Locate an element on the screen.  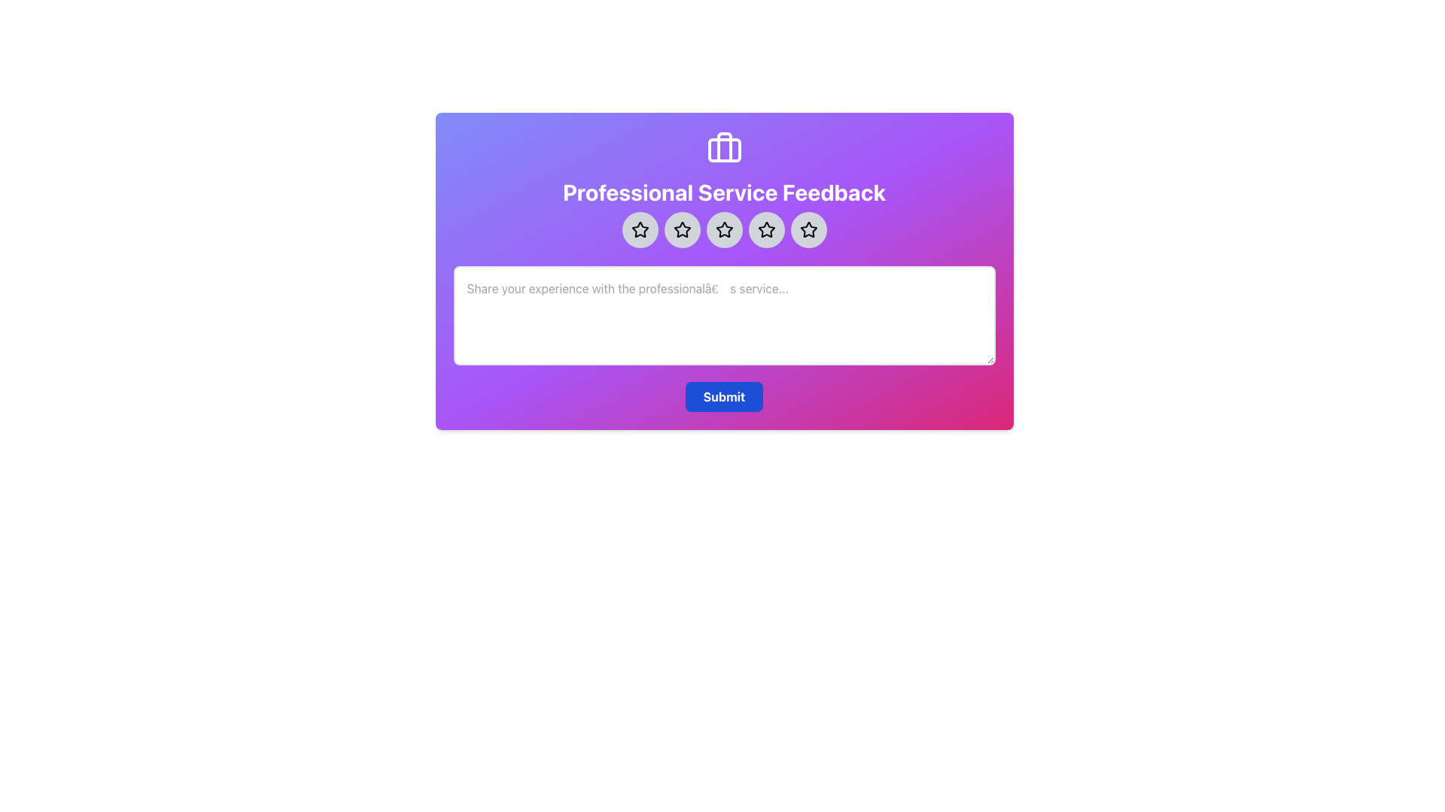
the second star icon in the rating system is located at coordinates (681, 229).